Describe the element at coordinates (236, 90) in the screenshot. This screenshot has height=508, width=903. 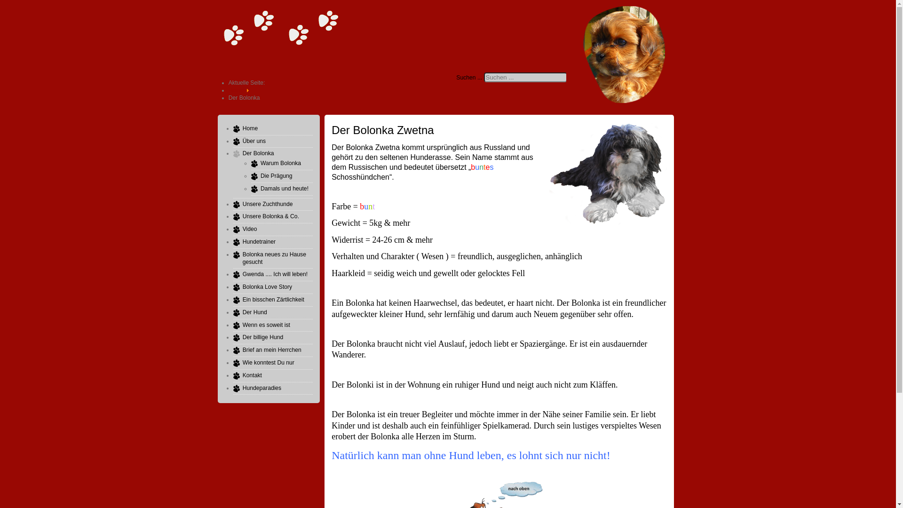
I see `'Home'` at that location.